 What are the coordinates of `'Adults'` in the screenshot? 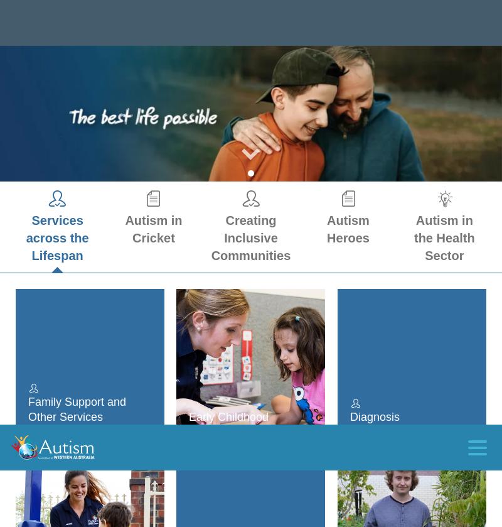 It's located at (365, 152).